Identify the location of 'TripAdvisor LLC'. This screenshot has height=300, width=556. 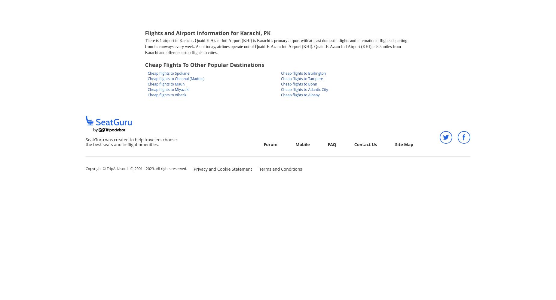
(119, 169).